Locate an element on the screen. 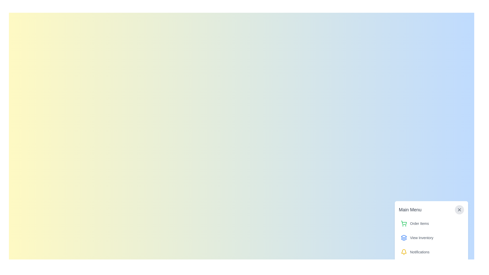 The image size is (489, 275). the shopping cart icon is located at coordinates (404, 223).